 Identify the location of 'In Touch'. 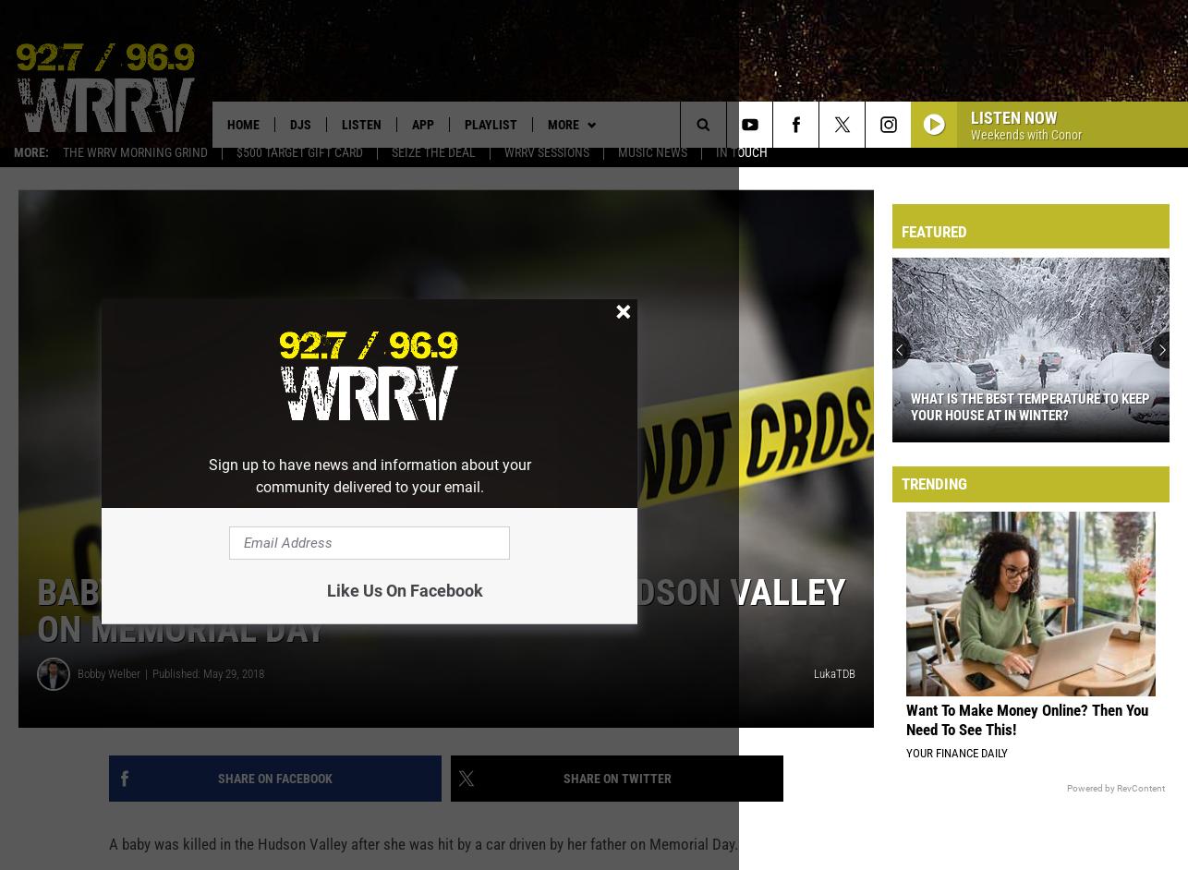
(741, 161).